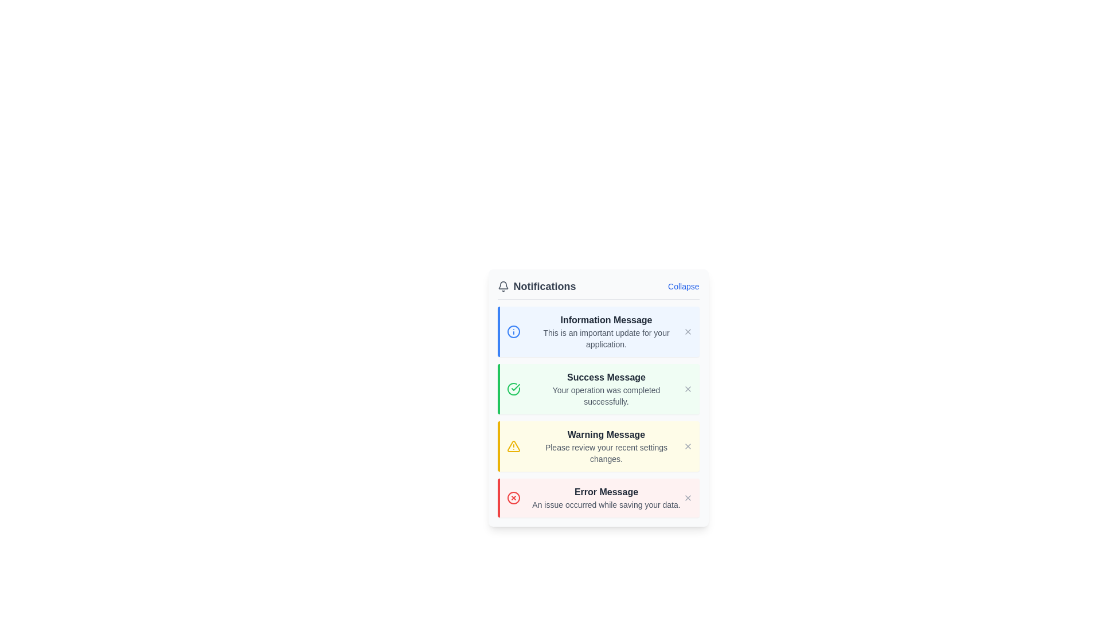  What do you see at coordinates (503, 284) in the screenshot?
I see `the bell-shaped icon located in the notifications header bar towards the left for visual feedback` at bounding box center [503, 284].